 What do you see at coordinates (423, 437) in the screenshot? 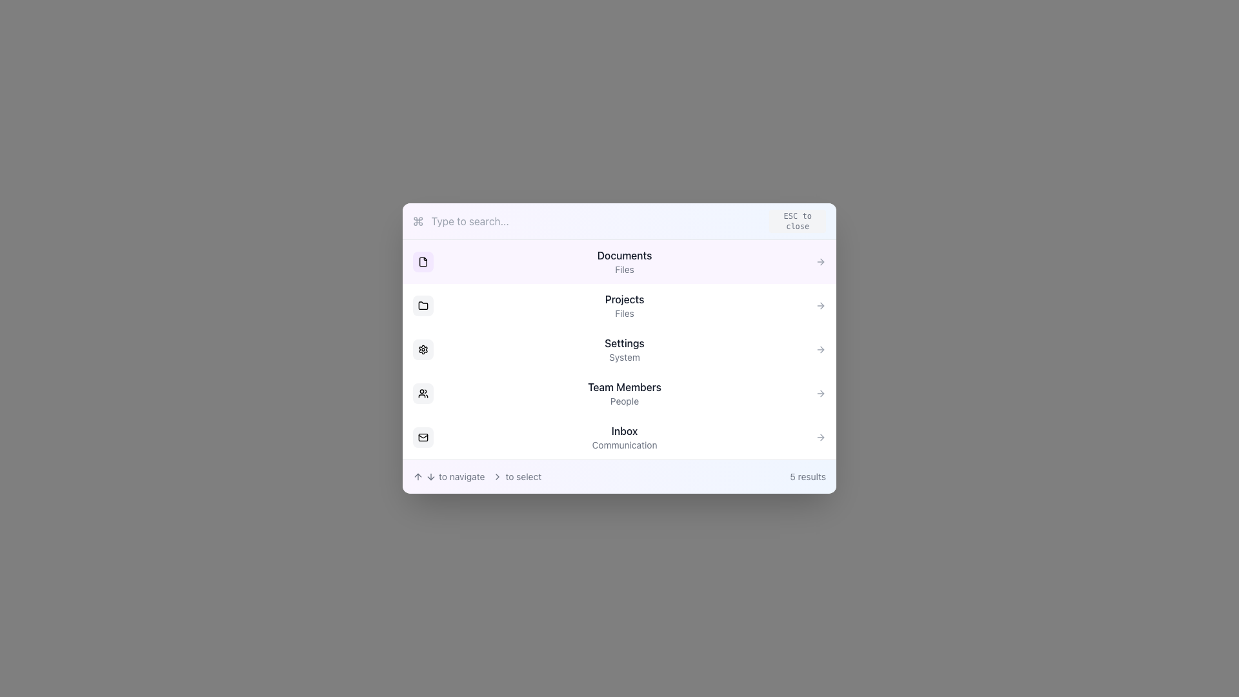
I see `the small, stylized envelope icon on the leftmost side of the fifth row, adjacent to the 'Inbox' label` at bounding box center [423, 437].